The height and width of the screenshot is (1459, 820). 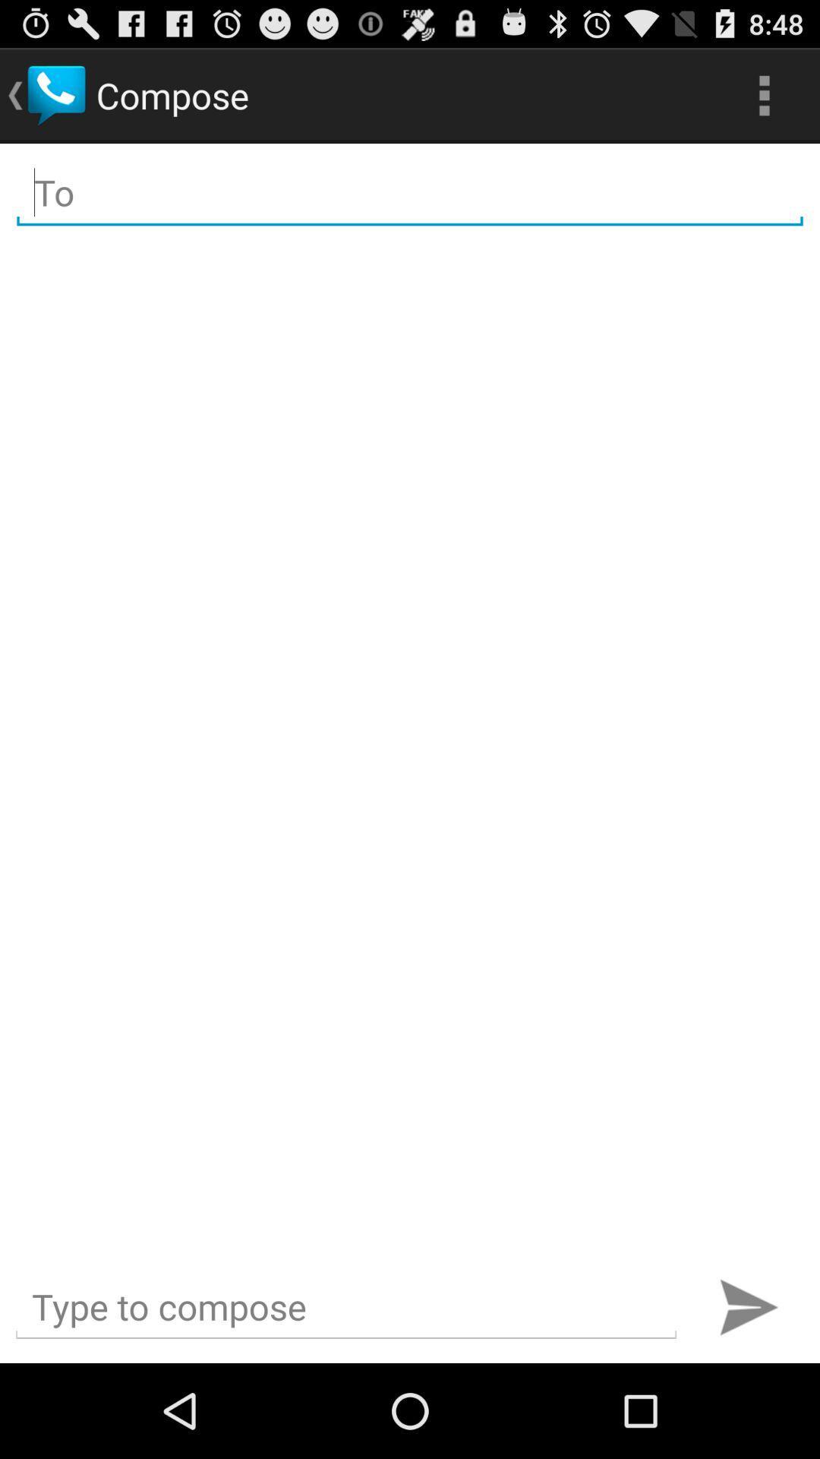 What do you see at coordinates (410, 192) in the screenshot?
I see `type receiver name` at bounding box center [410, 192].